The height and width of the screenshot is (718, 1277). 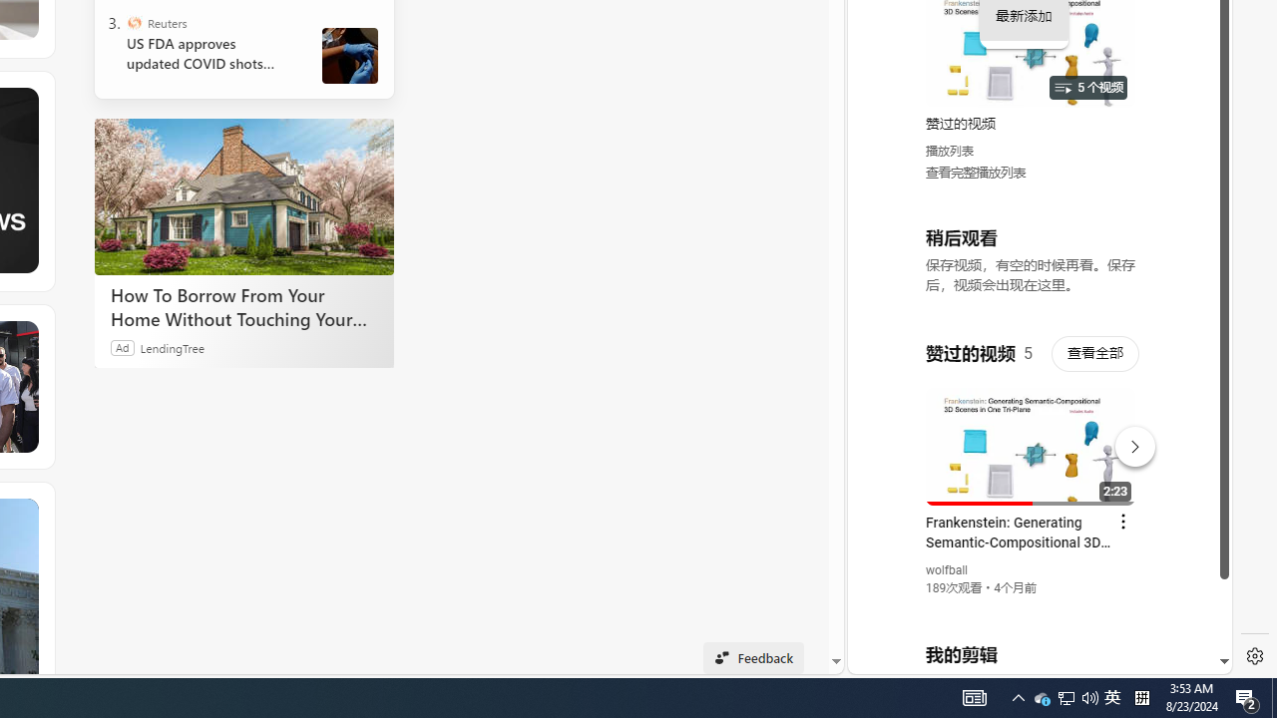 I want to click on 'YouTube - YouTube', so click(x=1032, y=264).